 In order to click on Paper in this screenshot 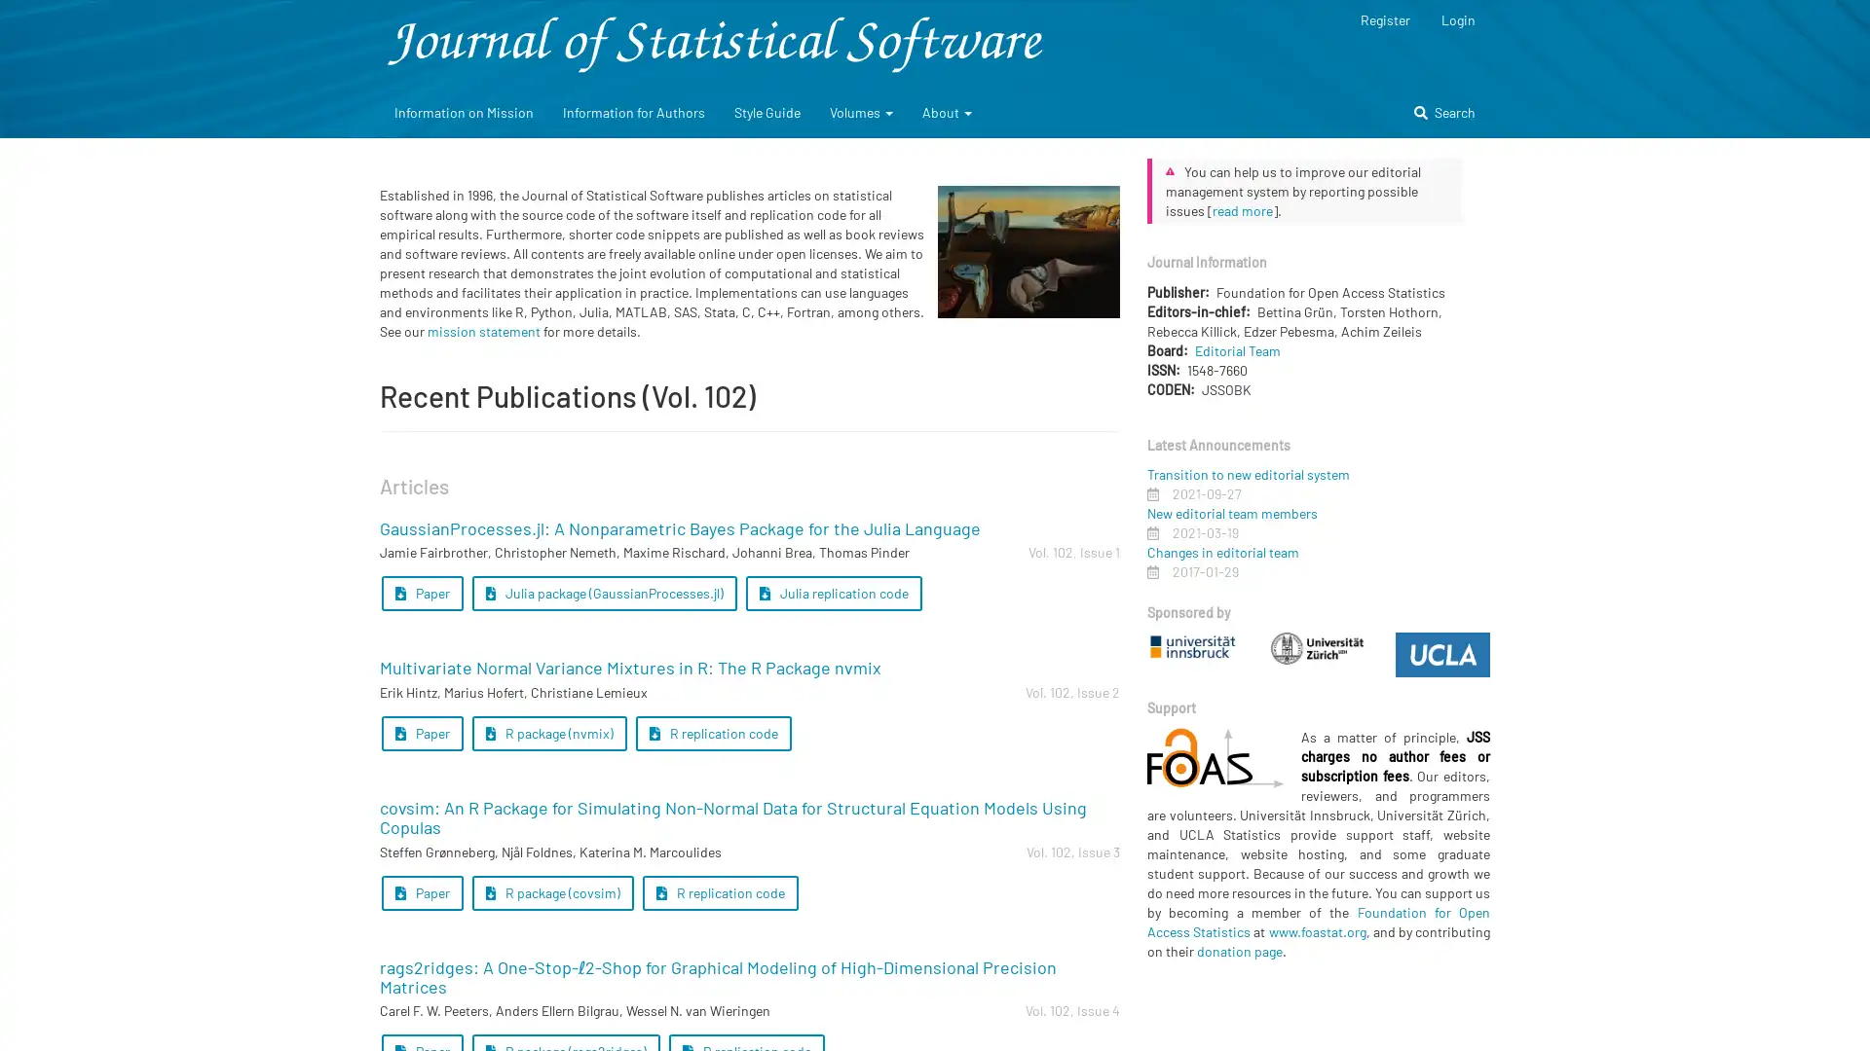, I will do `click(421, 733)`.